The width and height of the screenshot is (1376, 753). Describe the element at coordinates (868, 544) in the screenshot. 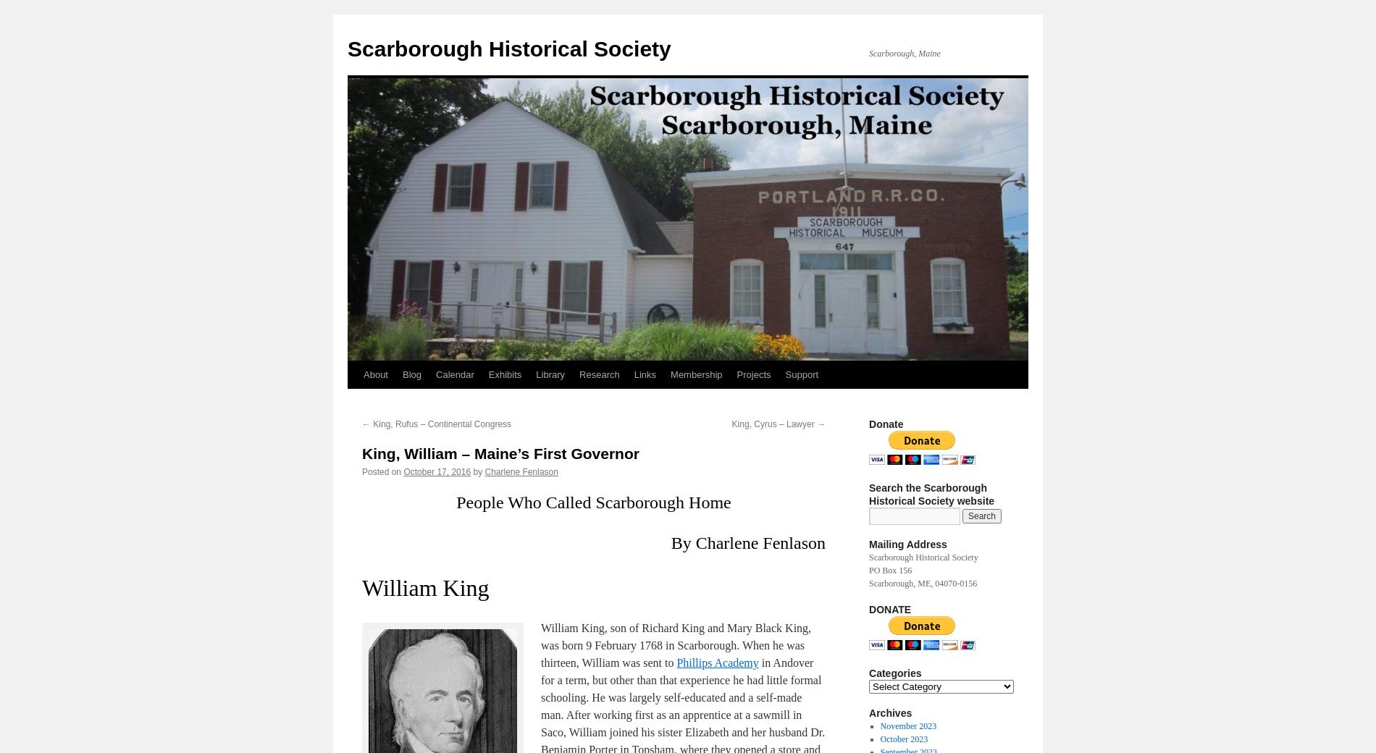

I see `'Mailing Address'` at that location.